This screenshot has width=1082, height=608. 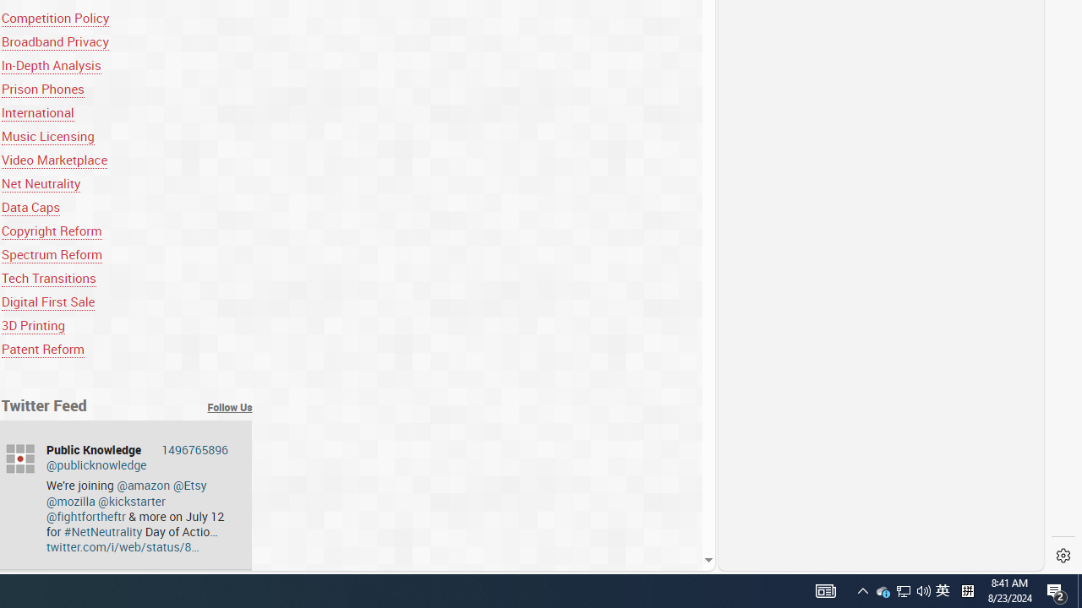 I want to click on 'Prison Phones', so click(x=42, y=89).